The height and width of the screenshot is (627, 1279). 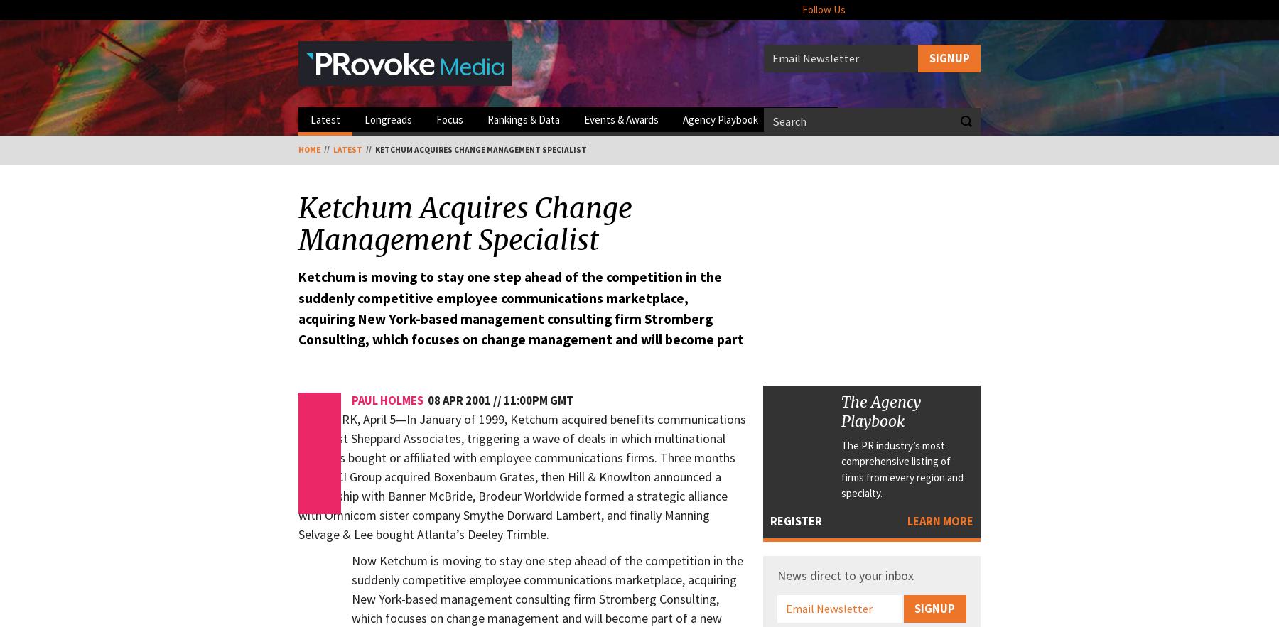 I want to click on 'The PR industry’s most comprehensive listing of firms from every region and specialty.', so click(x=902, y=468).